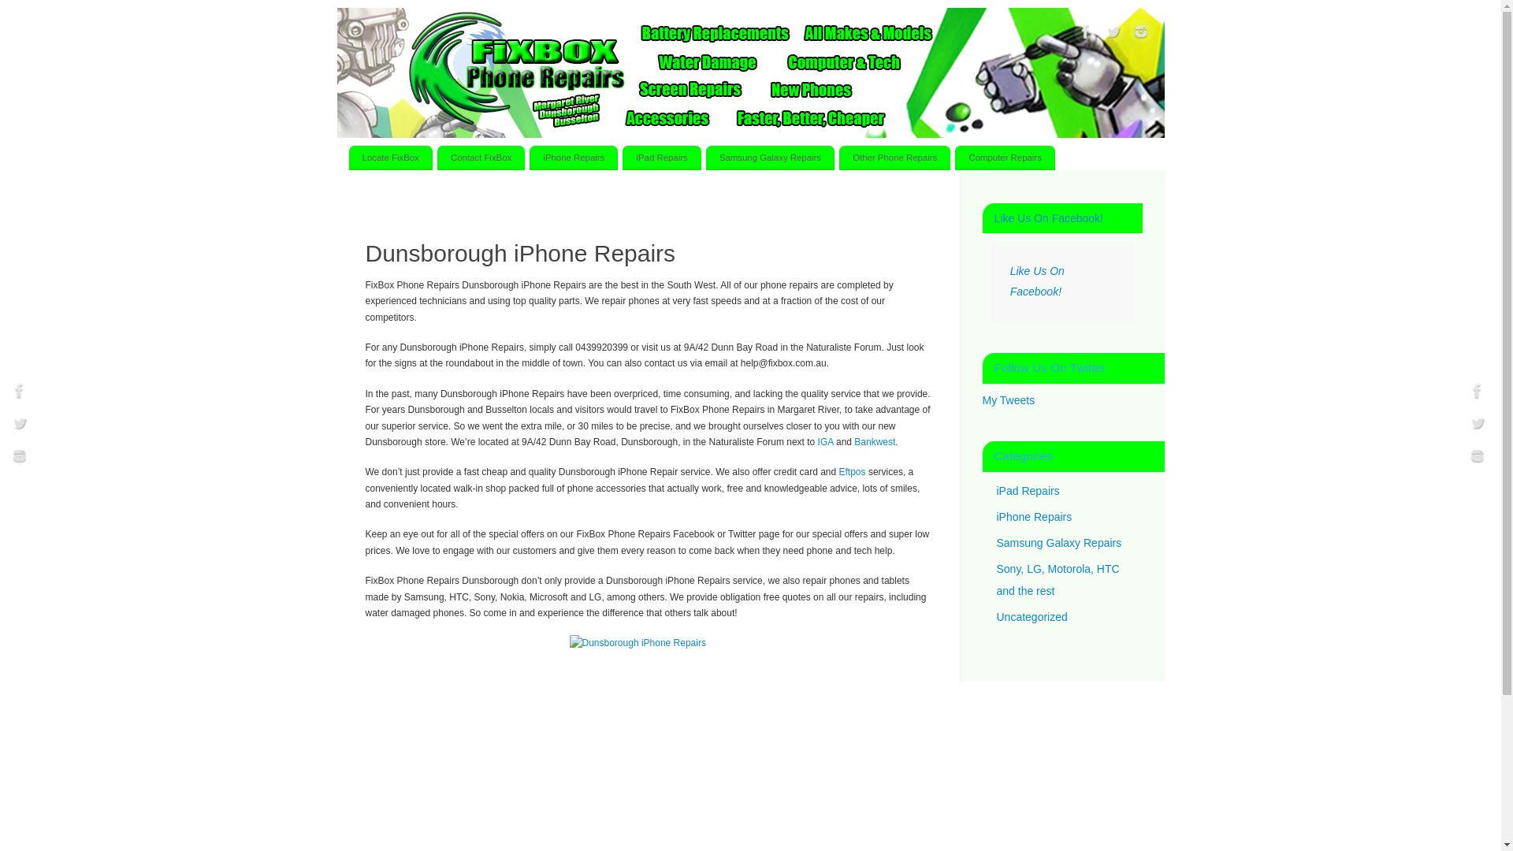 Image resolution: width=1513 pixels, height=851 pixels. What do you see at coordinates (19, 458) in the screenshot?
I see `'Instagram'` at bounding box center [19, 458].